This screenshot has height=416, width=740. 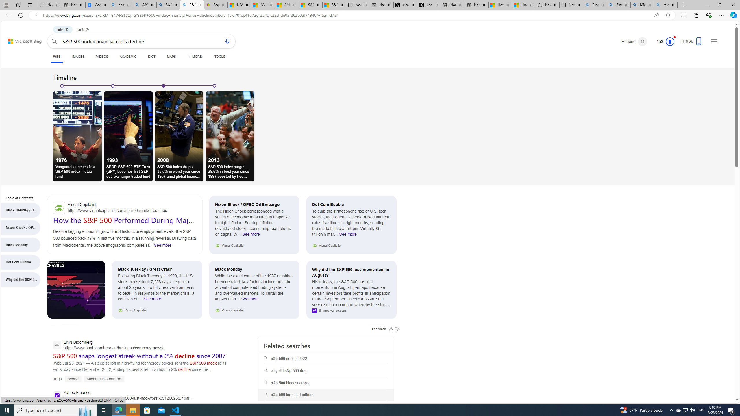 I want to click on 'why did s&p 500 drop', so click(x=326, y=371).